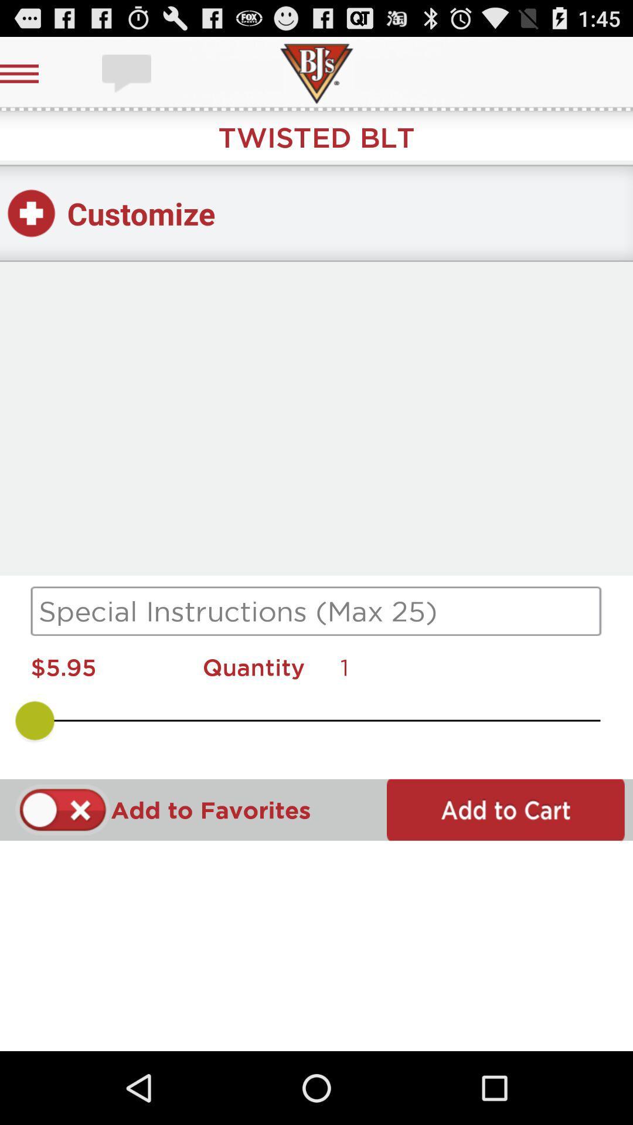  What do you see at coordinates (128, 73) in the screenshot?
I see `image` at bounding box center [128, 73].